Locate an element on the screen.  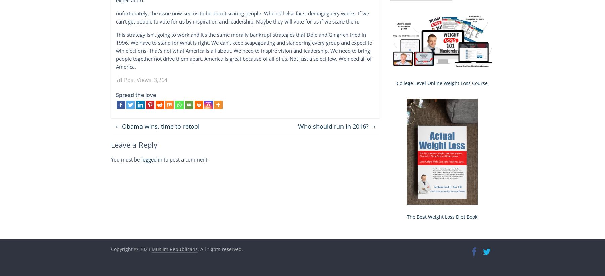
'Who should run in 2016?' is located at coordinates (334, 126).